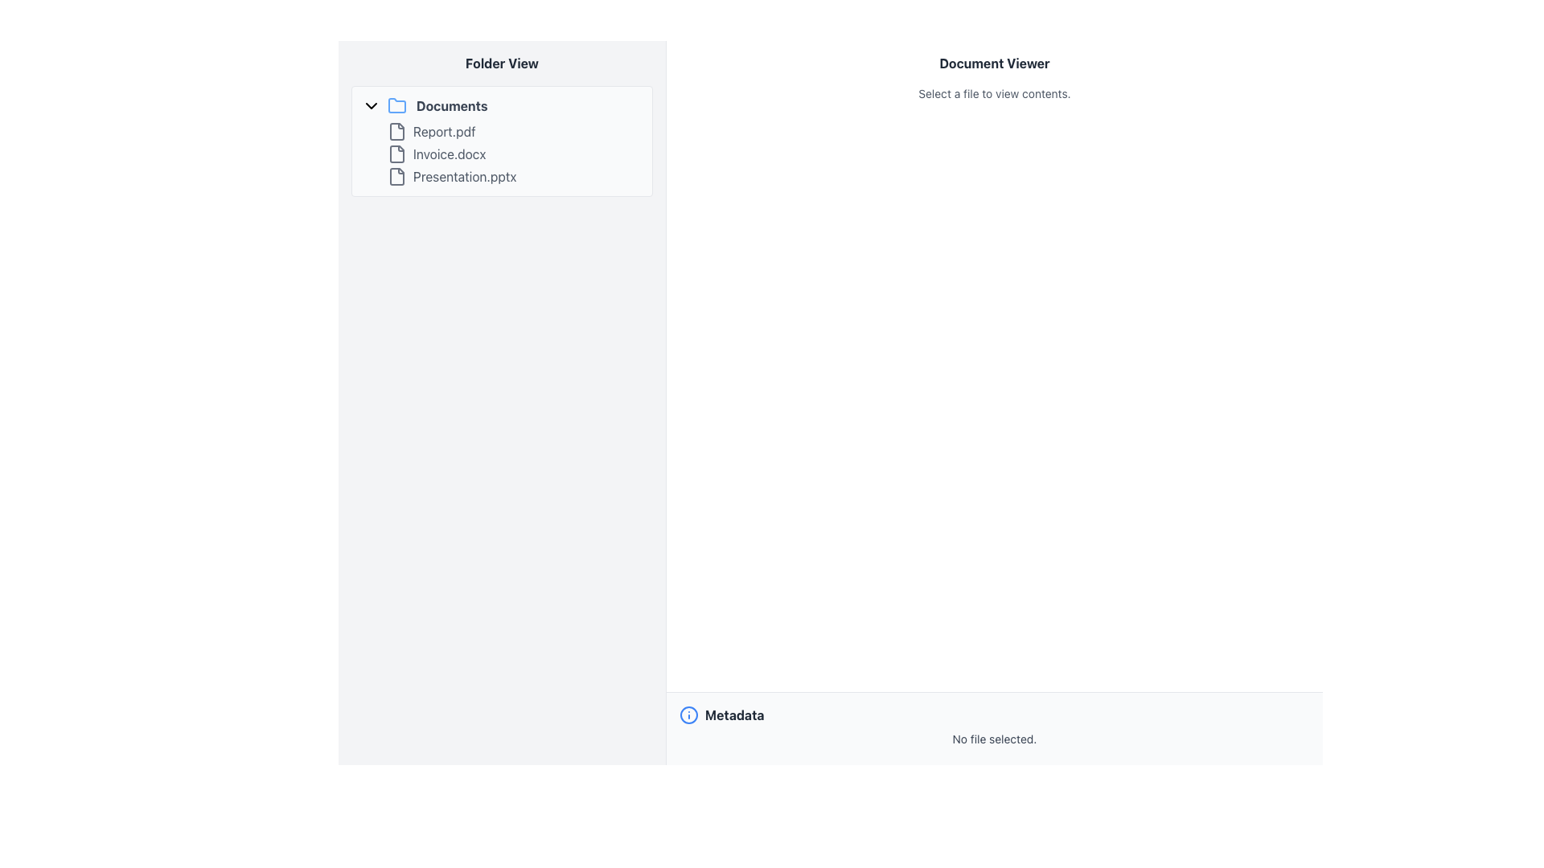 The width and height of the screenshot is (1544, 868). What do you see at coordinates (689, 714) in the screenshot?
I see `the blue circular icon displaying the letter 'i' located at the beginning of the 'Metadata' section` at bounding box center [689, 714].